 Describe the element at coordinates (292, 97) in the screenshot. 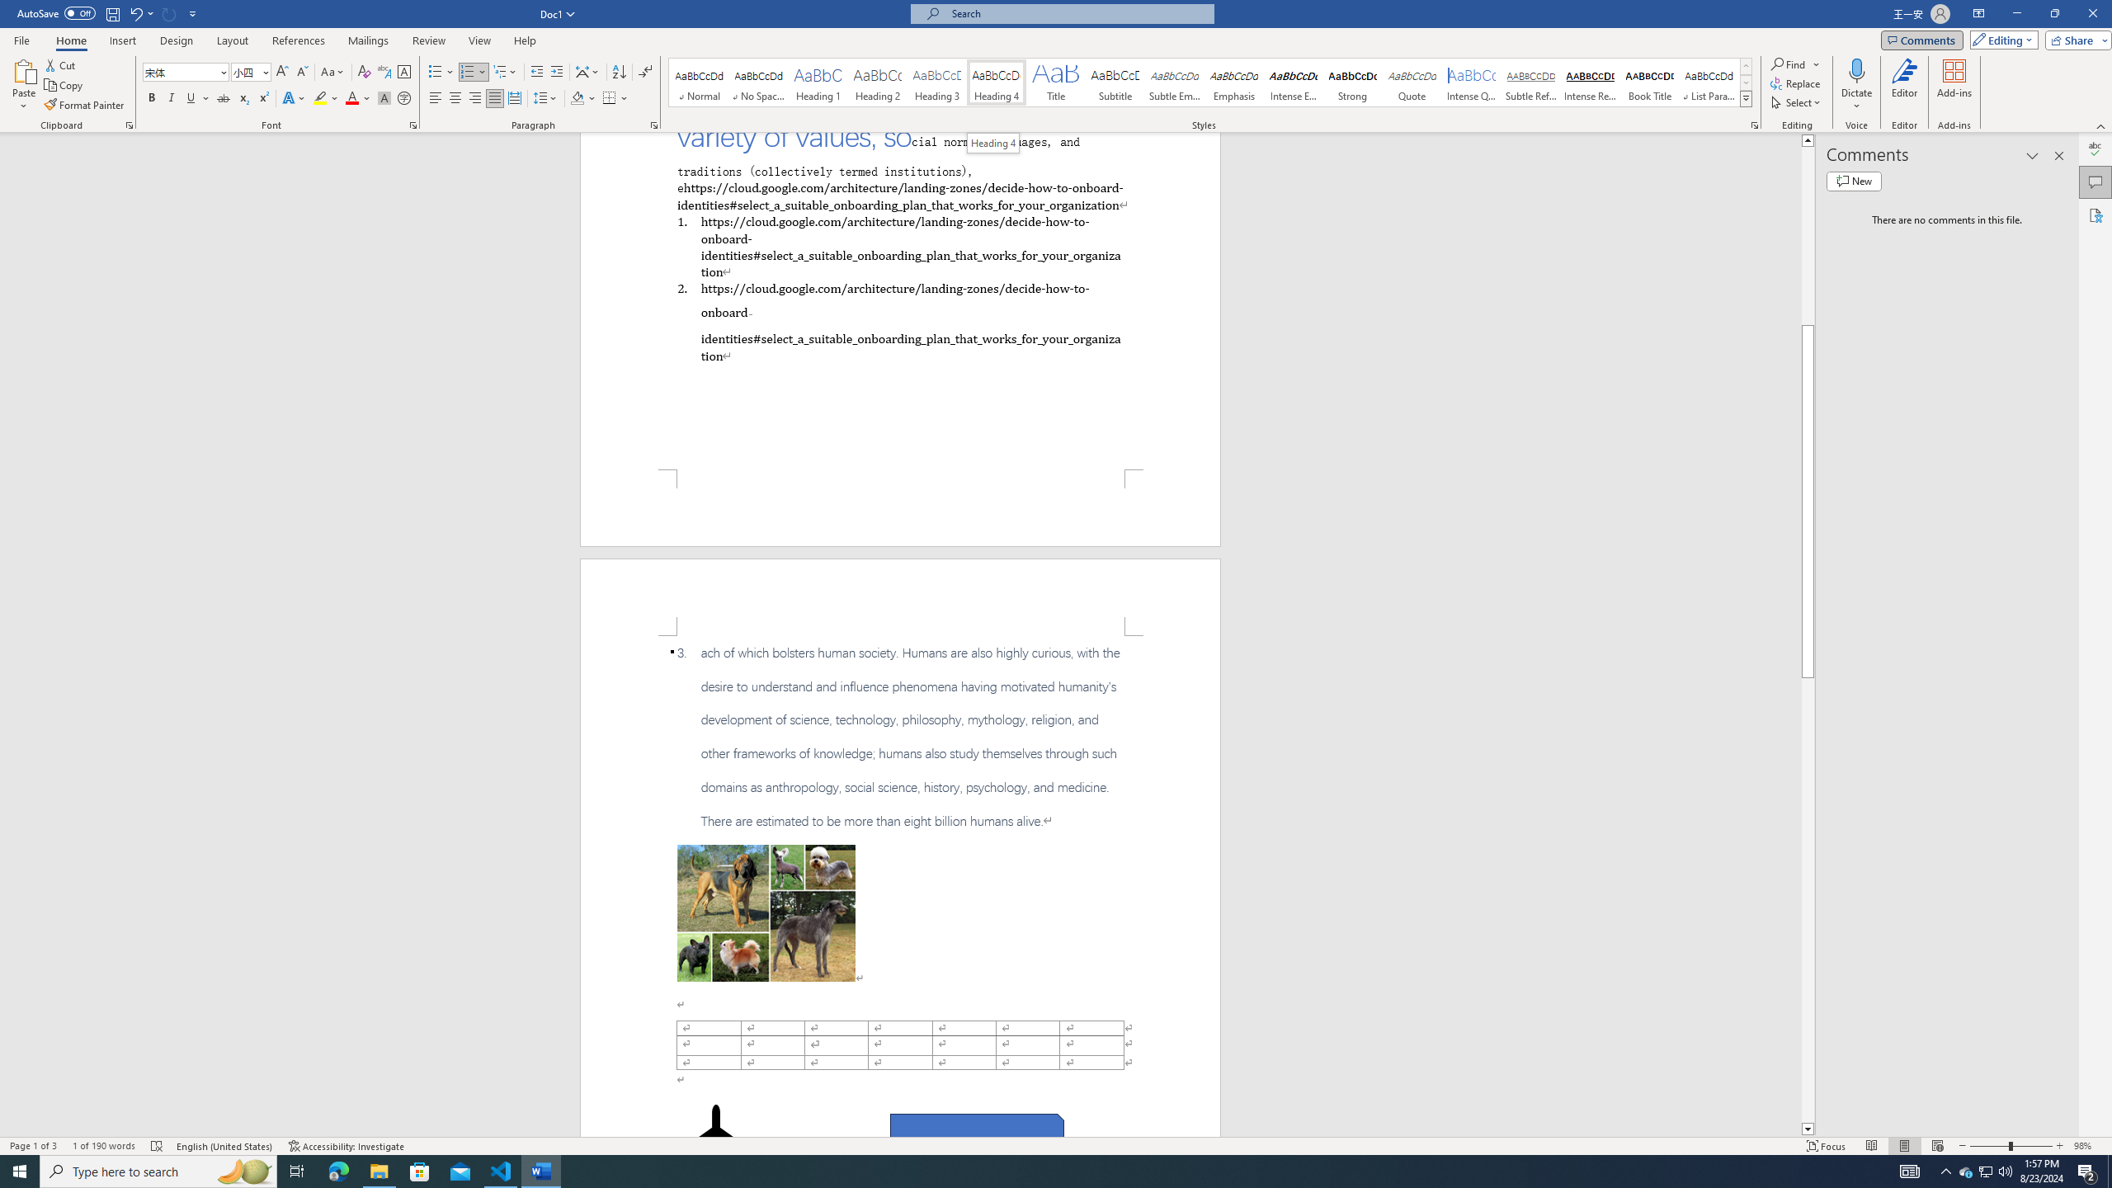

I see `'Text Effects and Typography'` at that location.